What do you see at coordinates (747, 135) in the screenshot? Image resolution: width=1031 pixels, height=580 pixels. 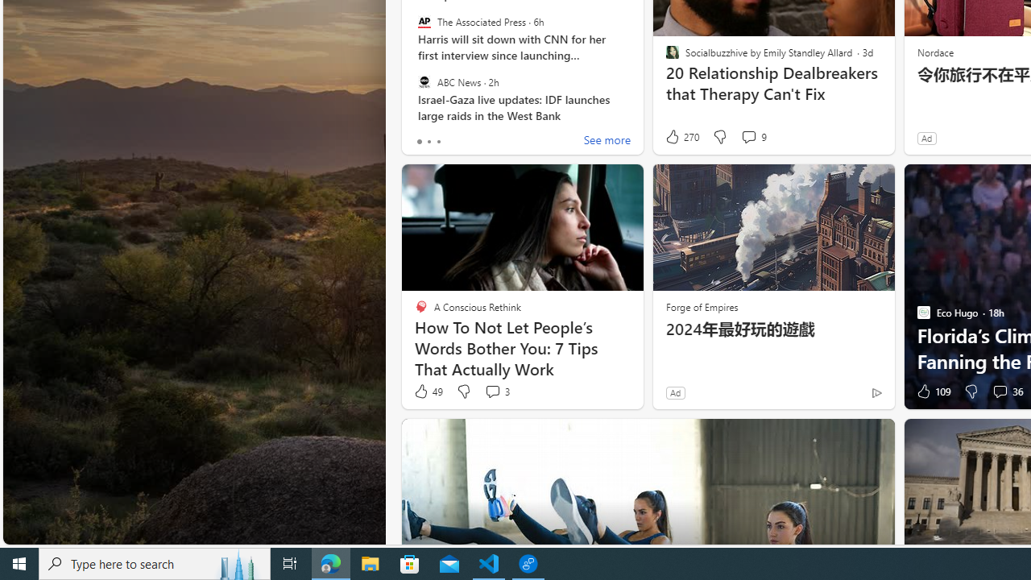 I see `'View comments 9 Comment'` at bounding box center [747, 135].